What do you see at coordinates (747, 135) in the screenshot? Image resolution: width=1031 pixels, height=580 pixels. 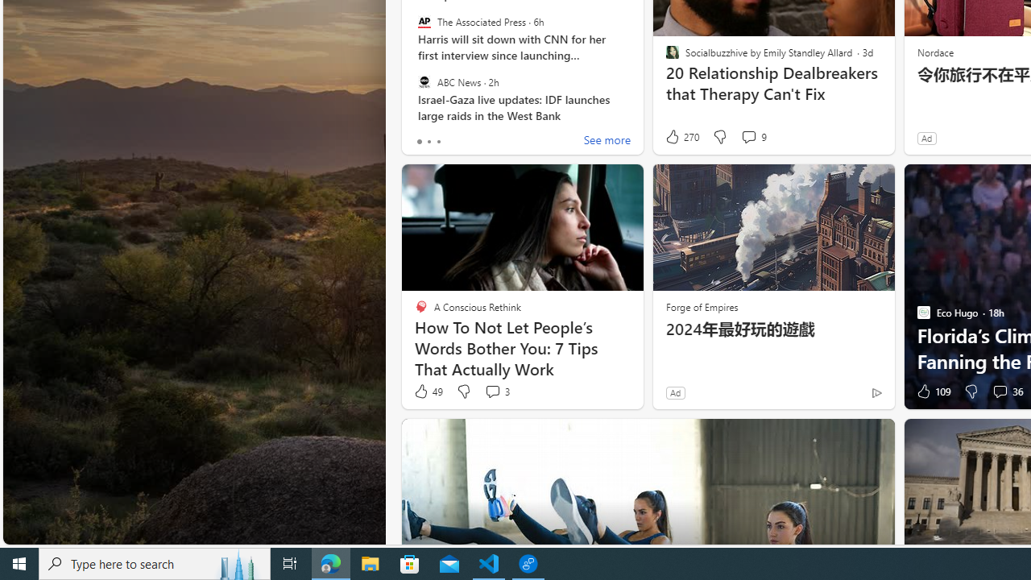 I see `'View comments 9 Comment'` at bounding box center [747, 135].